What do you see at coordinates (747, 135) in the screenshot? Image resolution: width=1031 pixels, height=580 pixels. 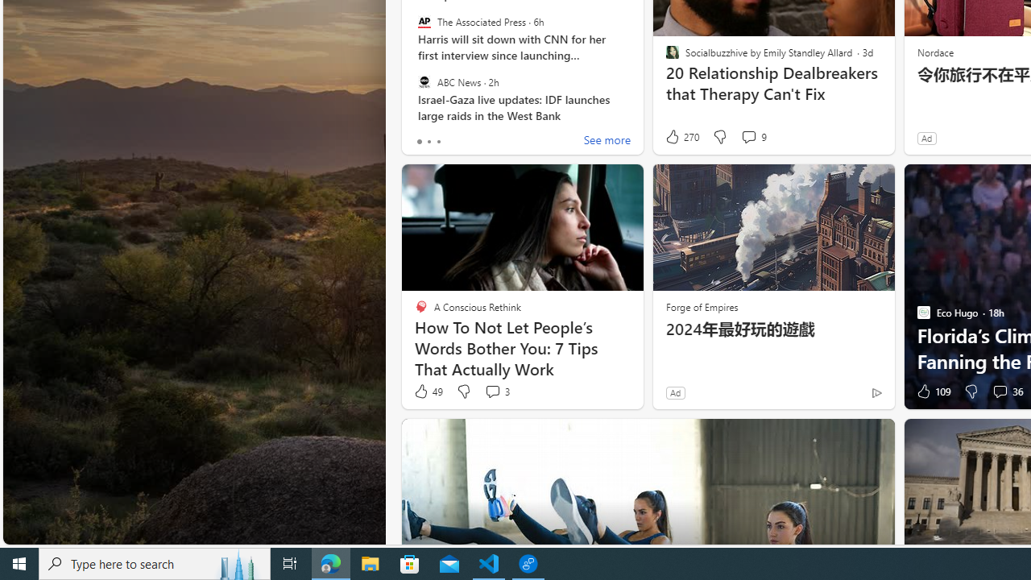 I see `'View comments 9 Comment'` at bounding box center [747, 135].